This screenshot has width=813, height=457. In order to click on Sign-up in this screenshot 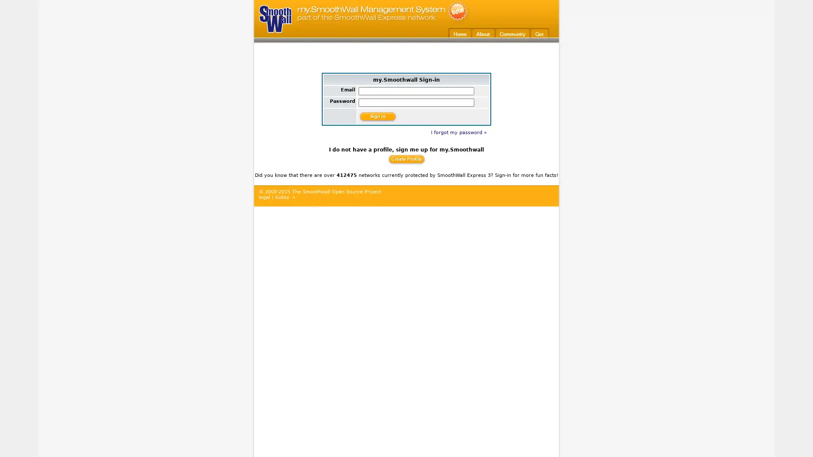, I will do `click(406, 159)`.